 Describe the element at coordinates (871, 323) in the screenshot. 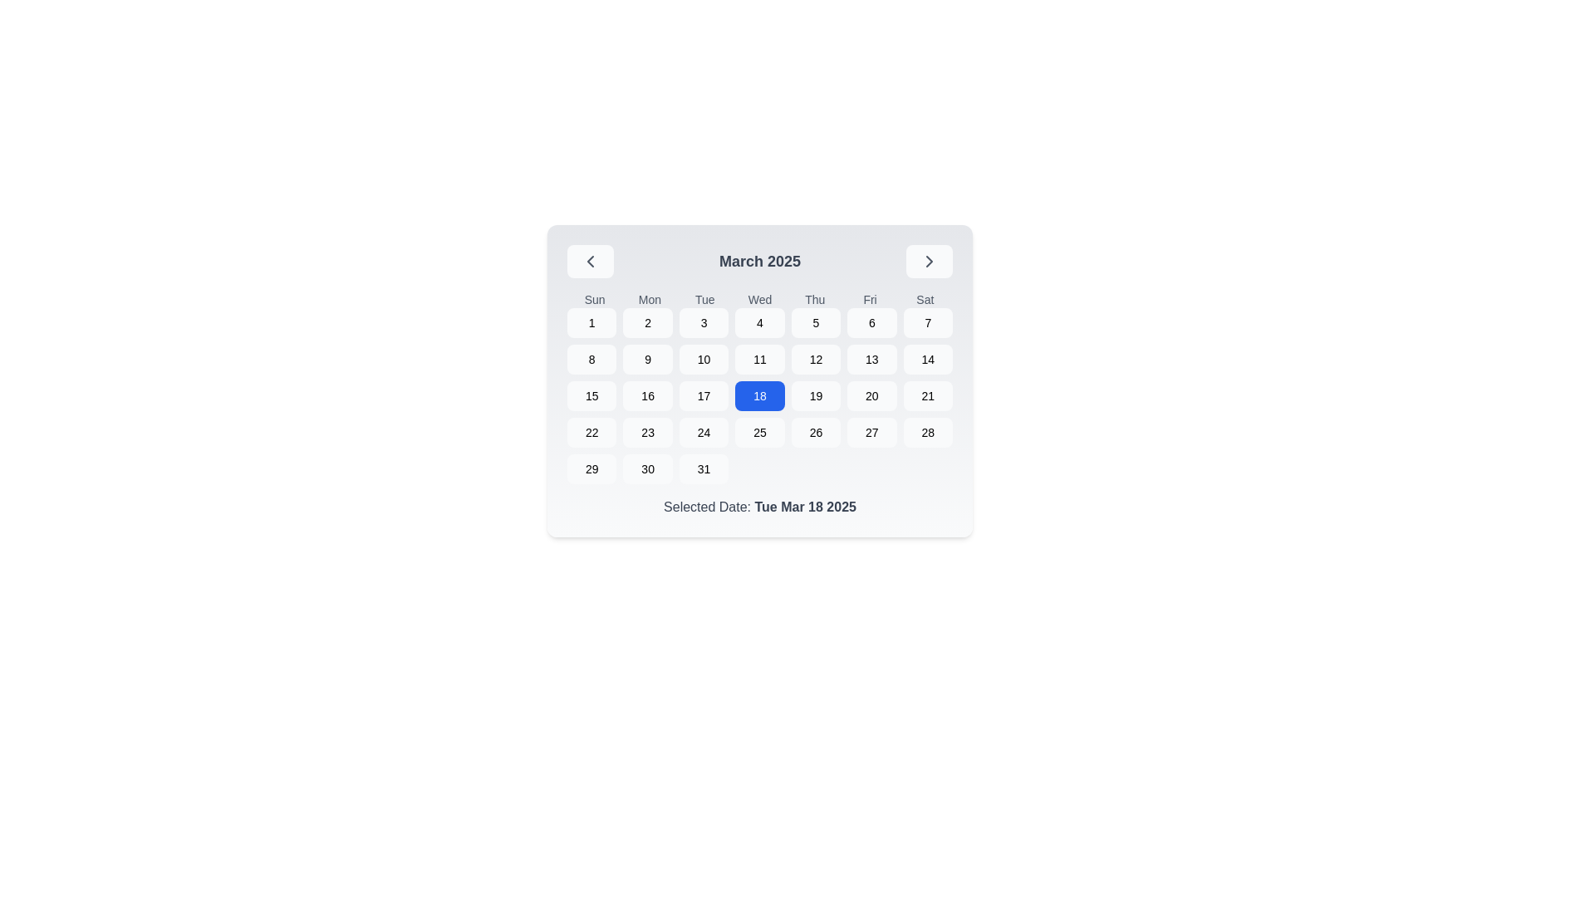

I see `the button labeled '6', which is a rectangular button with rounded corners and a light gray background that turns blue on hover` at that location.